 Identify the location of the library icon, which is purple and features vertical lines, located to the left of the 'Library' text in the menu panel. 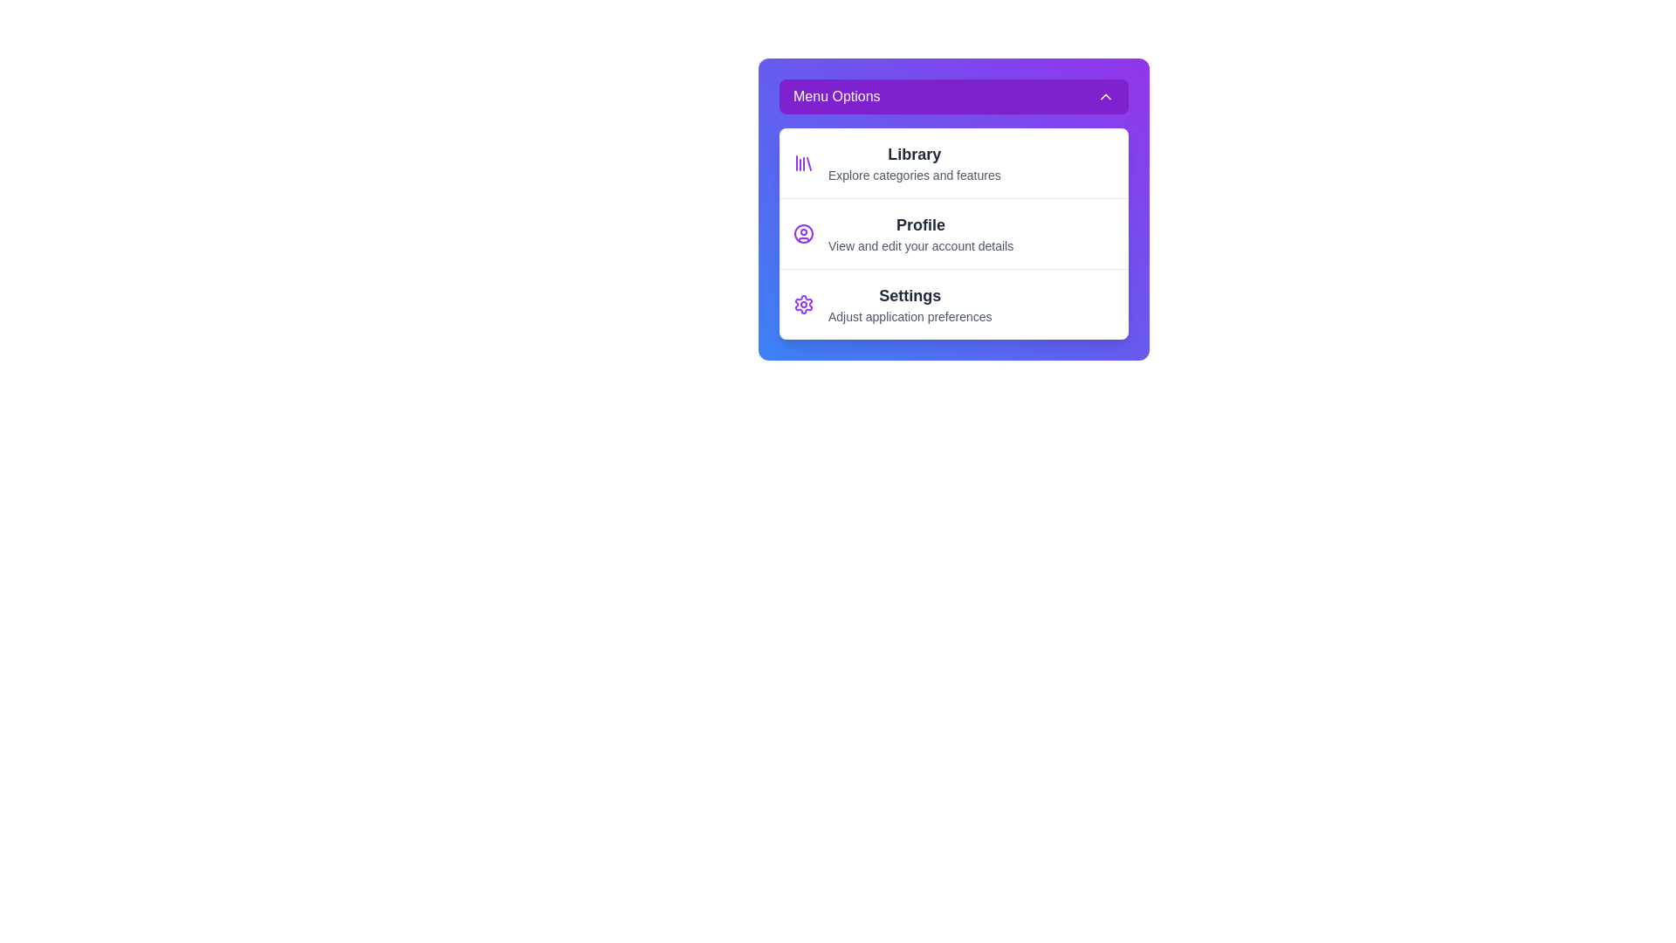
(803, 162).